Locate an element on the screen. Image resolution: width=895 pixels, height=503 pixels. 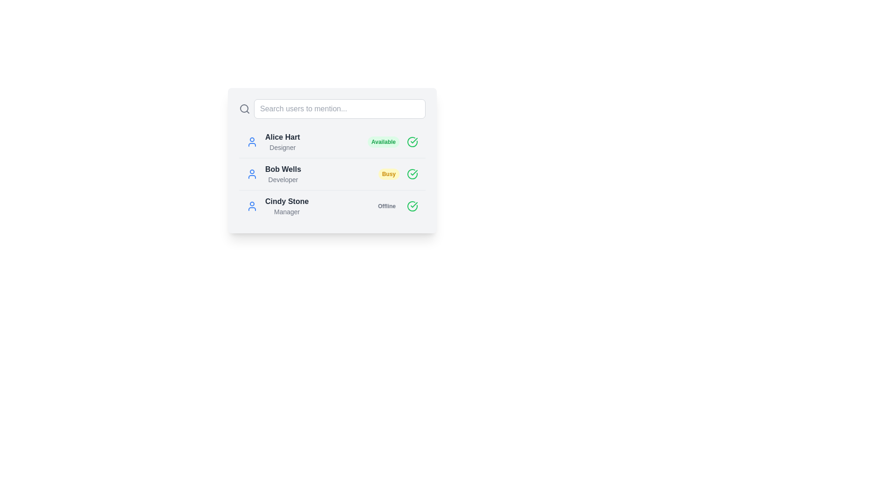
the text label displaying 'Developer' which is styled in light gray and positioned beneath 'Bob Wells' in a modal interface is located at coordinates (282, 179).